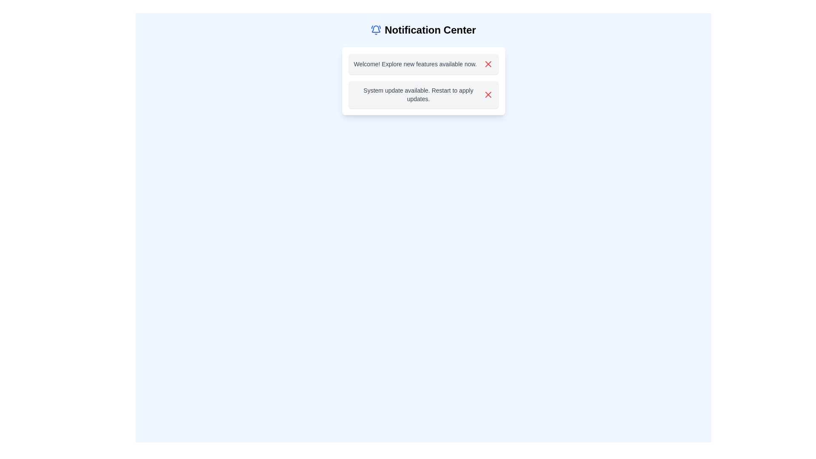 The height and width of the screenshot is (459, 816). Describe the element at coordinates (488, 95) in the screenshot. I see `the close button of the second notification item in the Notification Center for keyboard interaction` at that location.